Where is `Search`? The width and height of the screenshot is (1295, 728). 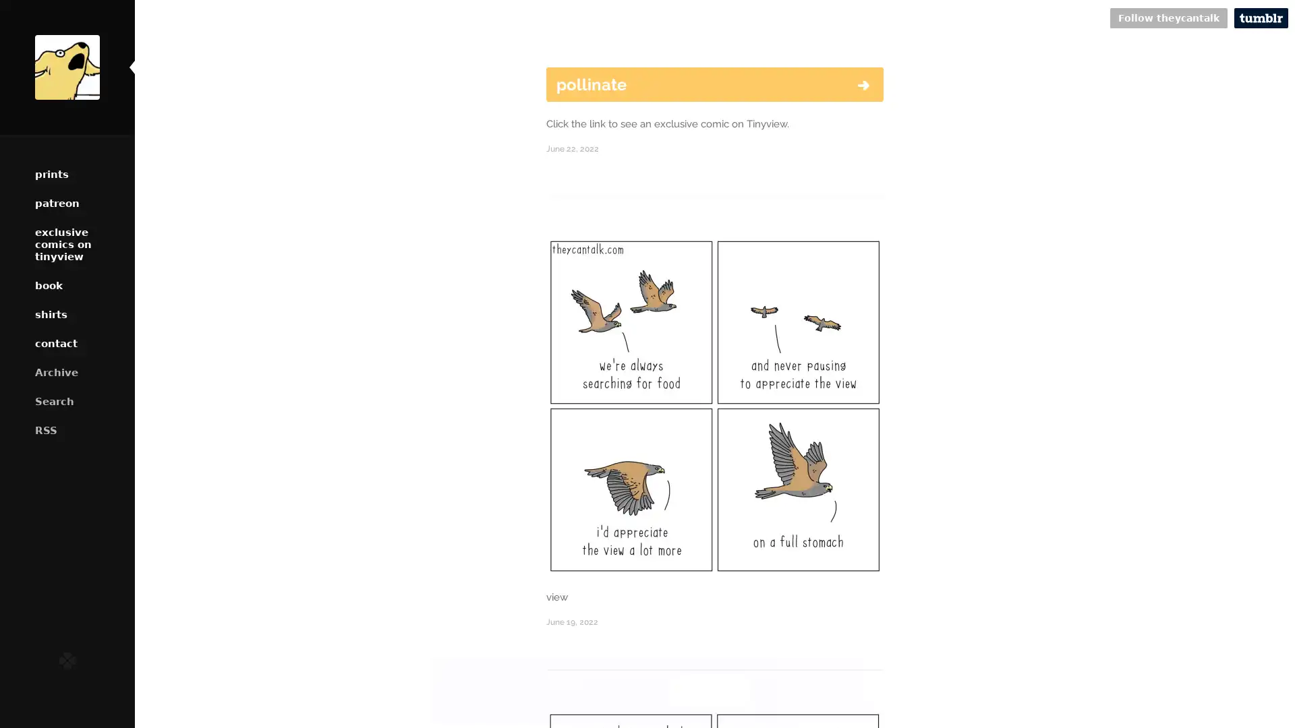
Search is located at coordinates (67, 401).